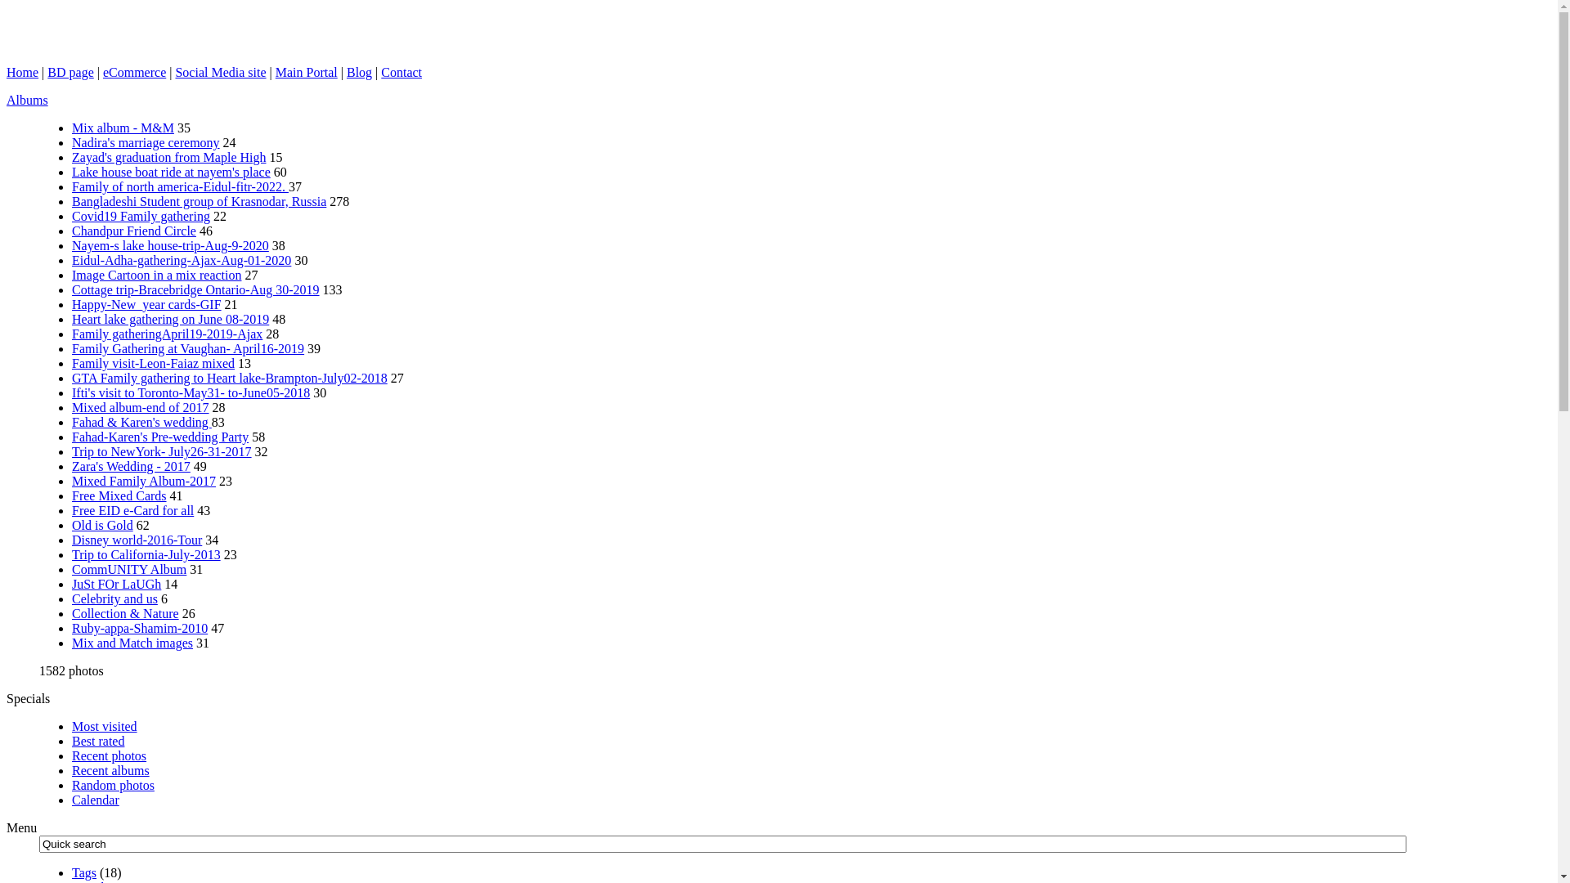 Image resolution: width=1570 pixels, height=883 pixels. What do you see at coordinates (141, 406) in the screenshot?
I see `'Mixed album-end of 2017'` at bounding box center [141, 406].